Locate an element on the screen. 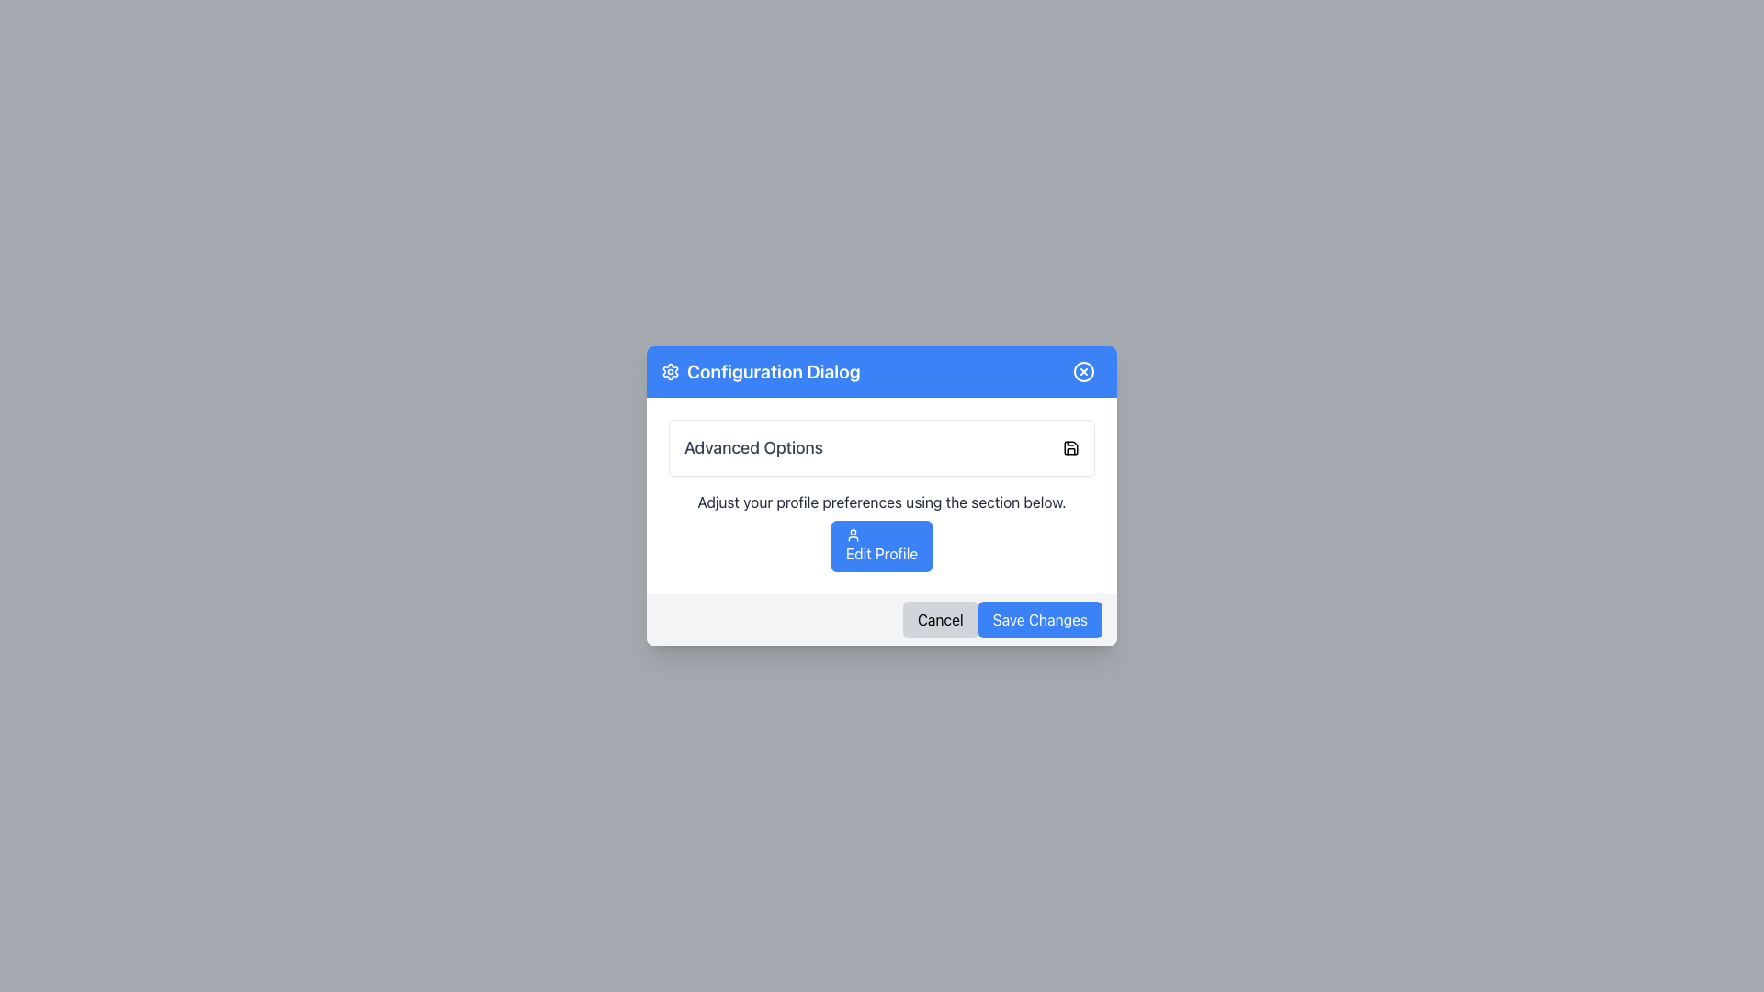  the circular icon button with a cross inside, which is styled with a blue outline, located in the top-right corner of the blue header of the 'Configuration Dialog' is located at coordinates (1084, 372).